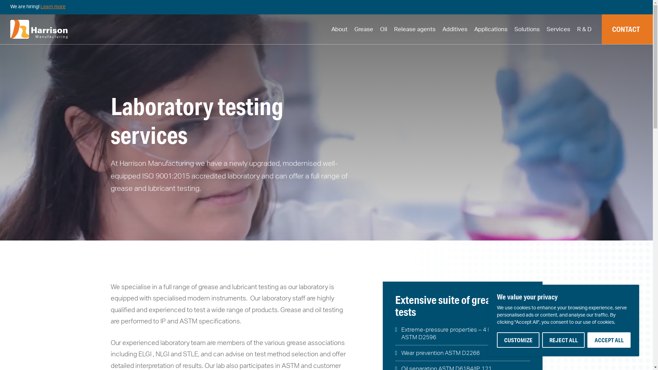 The image size is (658, 370). I want to click on 'R & D', so click(584, 29).